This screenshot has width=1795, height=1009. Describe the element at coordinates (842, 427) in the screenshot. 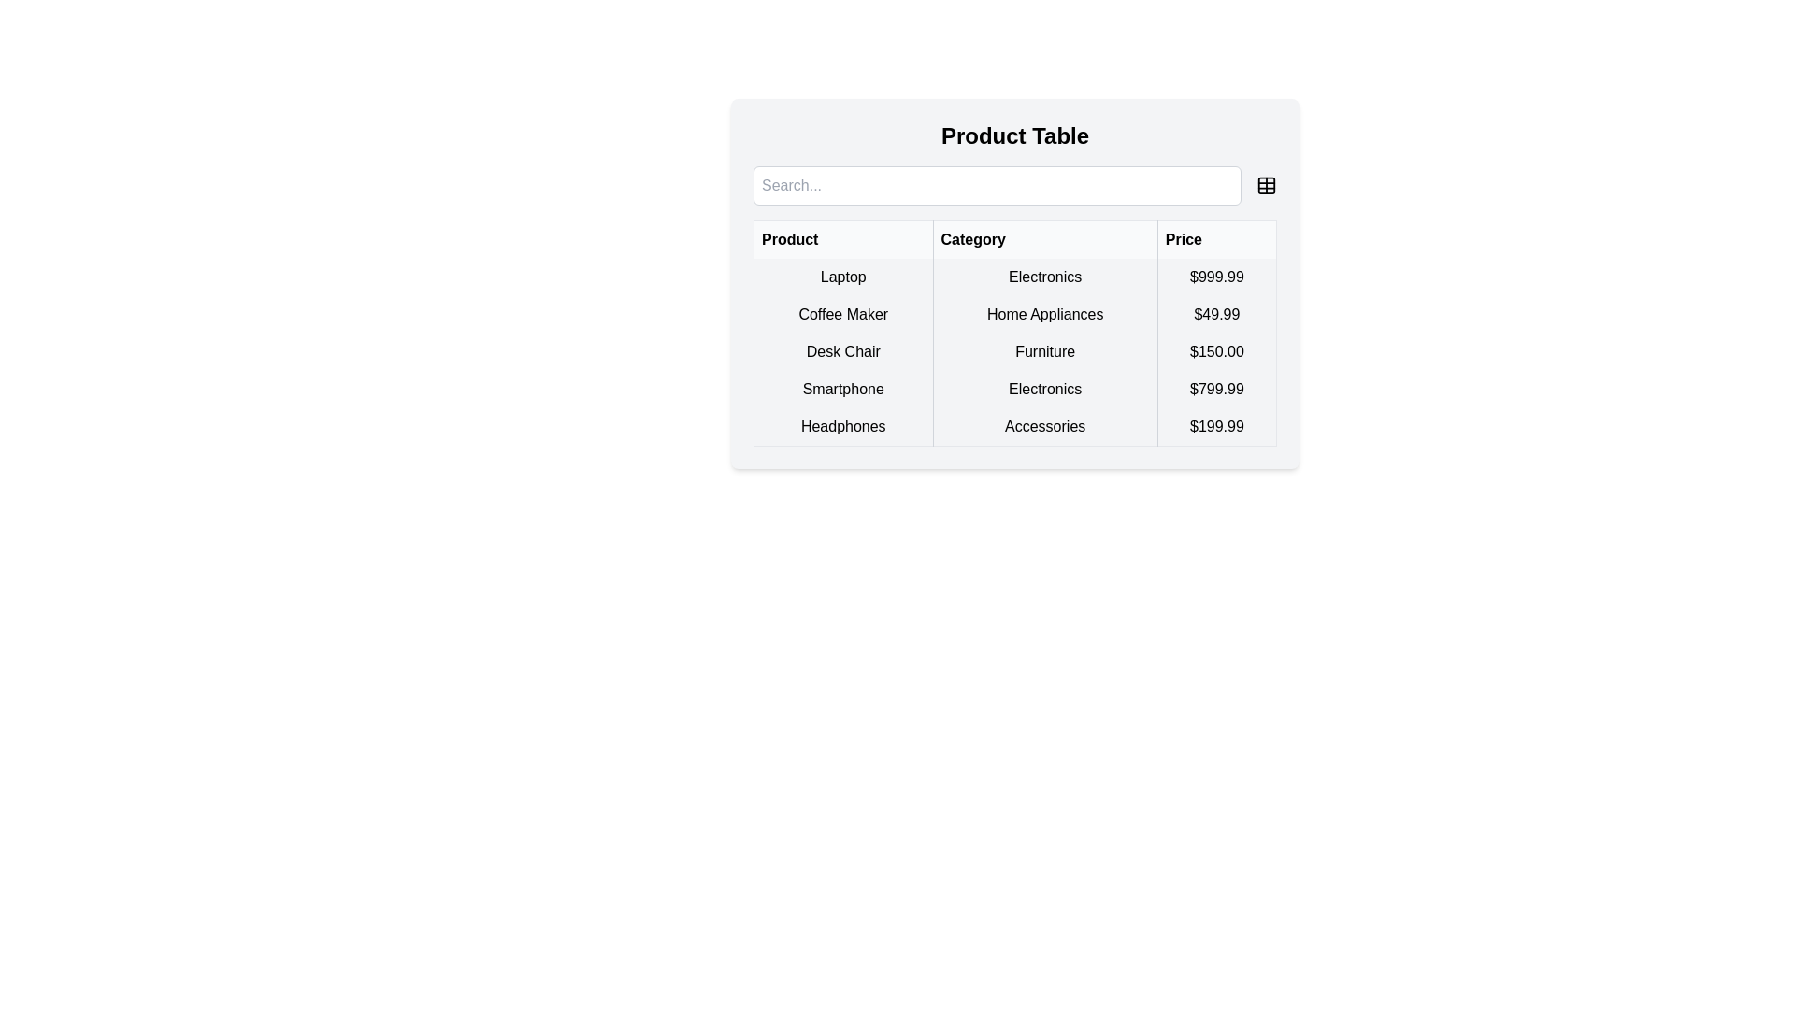

I see `the 'Headphones' text label in the last row, first column of the Product Table, which is styled with centered alignment and bordered on the right with a gray line` at that location.